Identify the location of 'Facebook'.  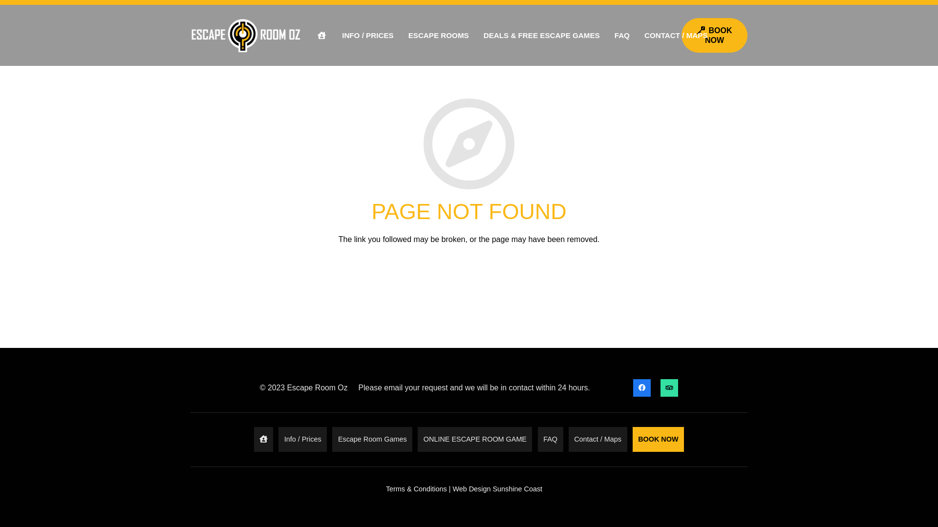
(642, 387).